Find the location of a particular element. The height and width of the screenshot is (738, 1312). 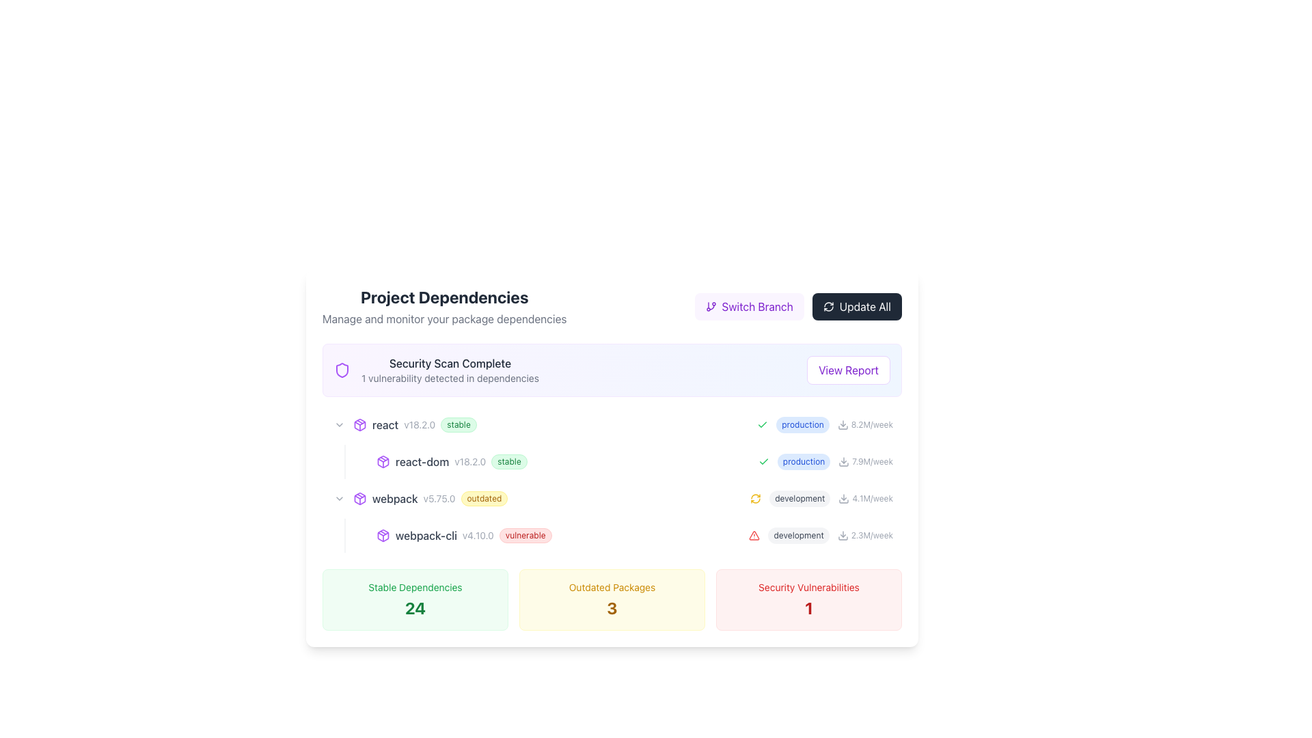

the list item displaying 'react-dom v18.2.0 stable production 7.9M/week' in the dependency overview interface, which is positioned below 'react' and above 'webpack' is located at coordinates (623, 461).